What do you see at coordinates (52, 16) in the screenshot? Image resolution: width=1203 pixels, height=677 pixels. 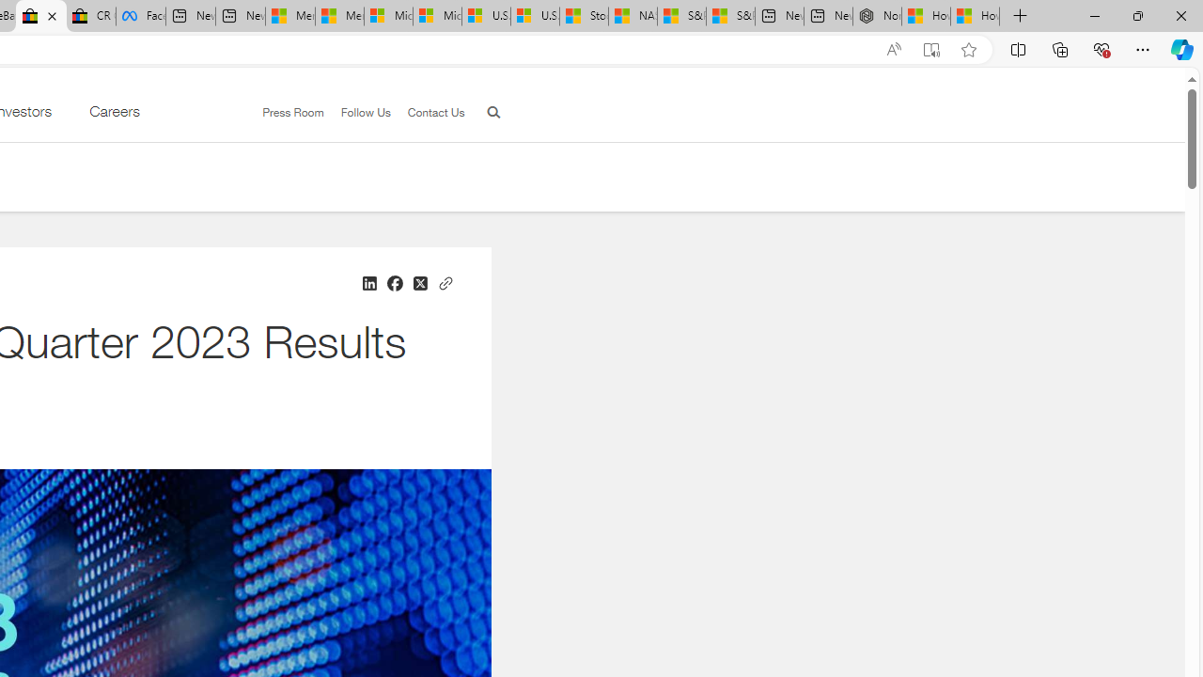 I see `'Close tab'` at bounding box center [52, 16].